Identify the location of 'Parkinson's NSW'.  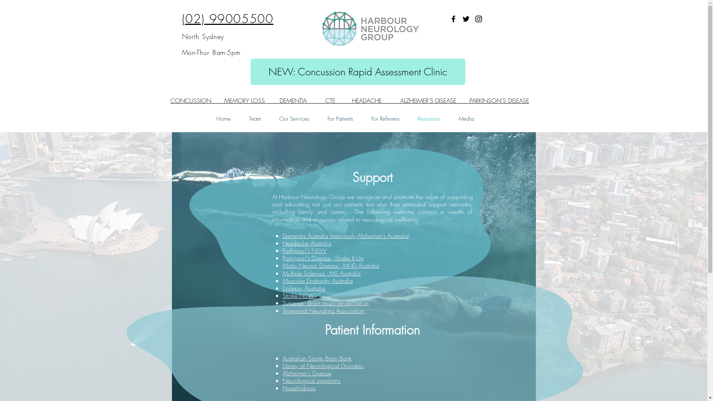
(305, 251).